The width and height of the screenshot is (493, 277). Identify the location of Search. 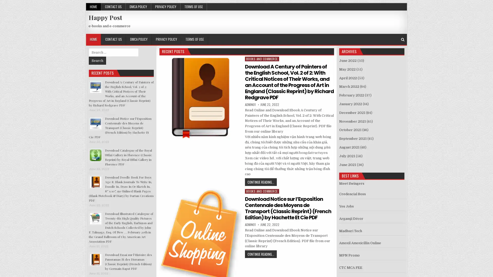
(97, 60).